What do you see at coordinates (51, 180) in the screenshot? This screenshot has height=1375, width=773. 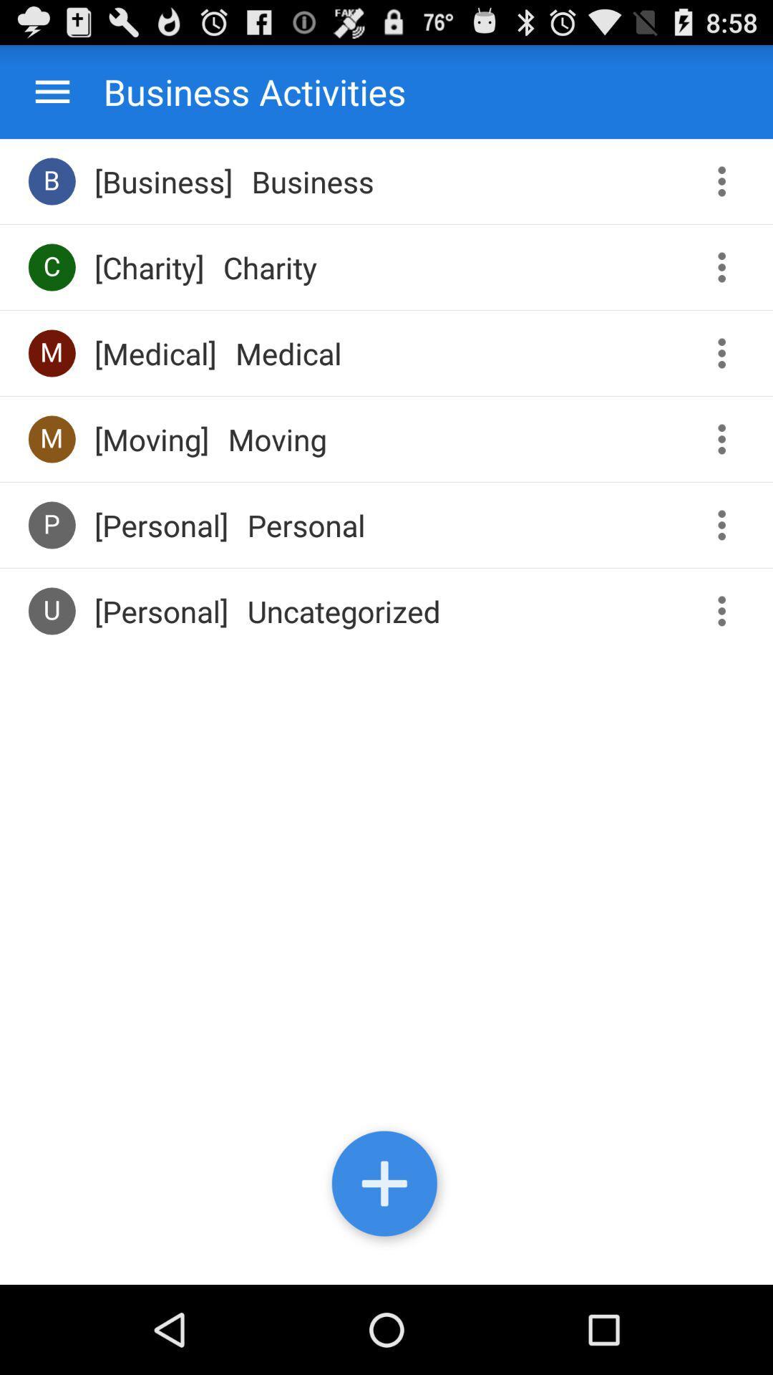 I see `icon to the left of [business] app` at bounding box center [51, 180].